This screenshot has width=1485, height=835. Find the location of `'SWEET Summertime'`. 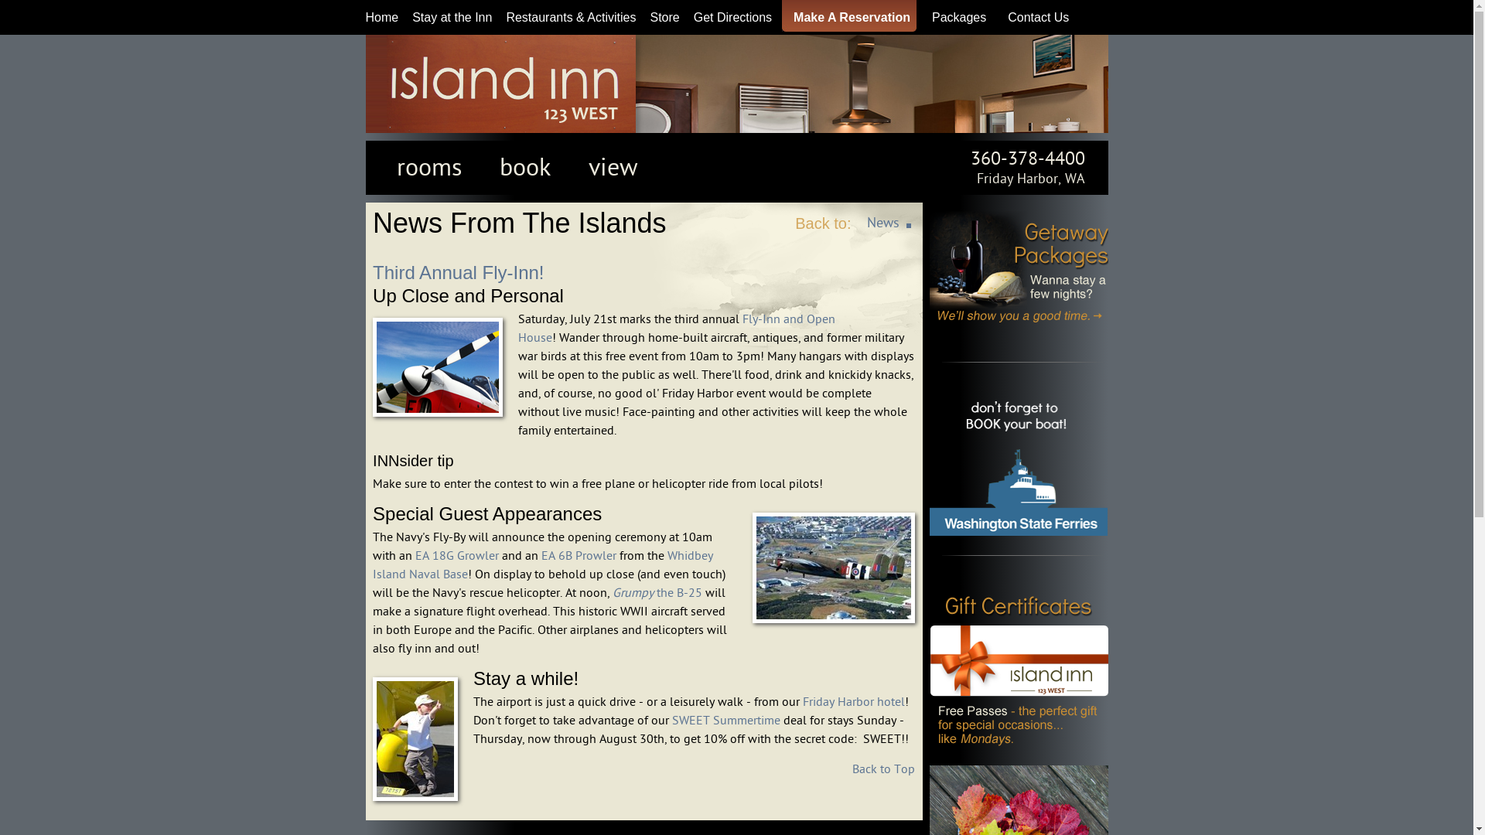

'SWEET Summertime' is located at coordinates (725, 721).